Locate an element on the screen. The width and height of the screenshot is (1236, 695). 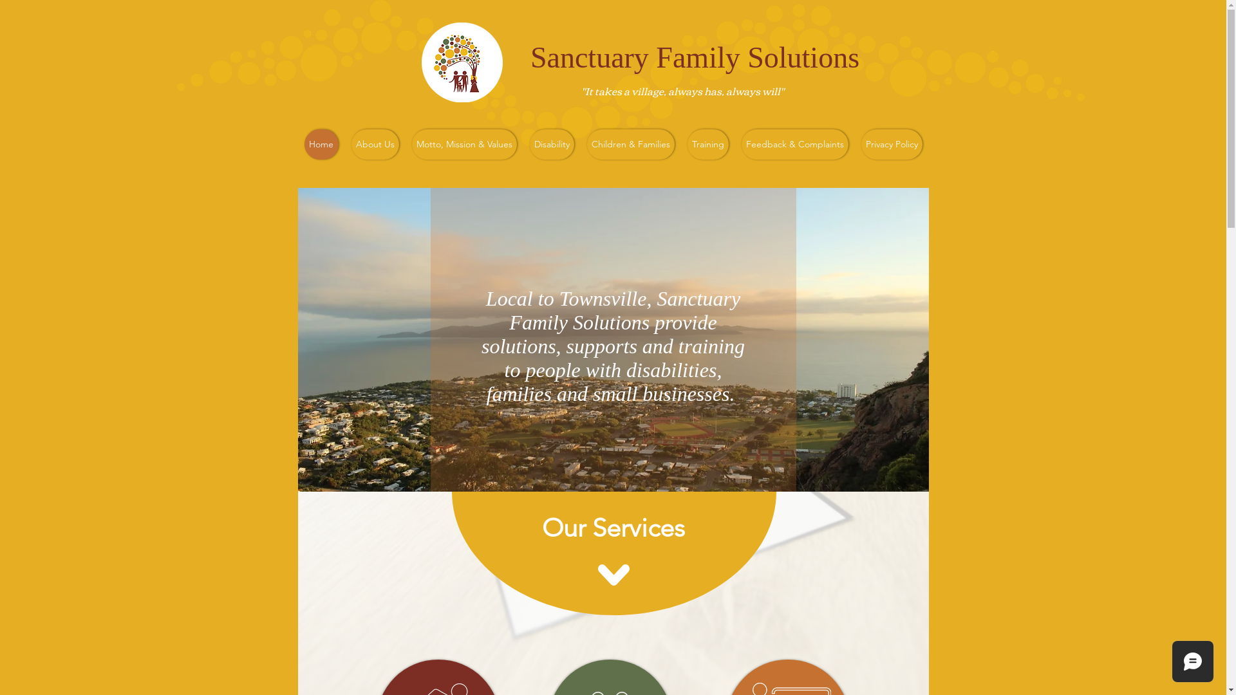
'Training' is located at coordinates (707, 144).